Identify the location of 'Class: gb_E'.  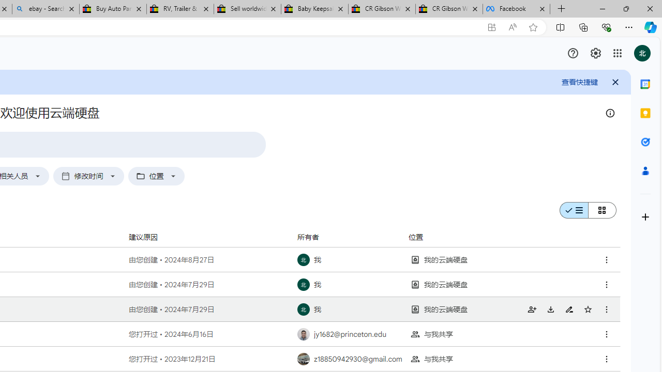
(617, 53).